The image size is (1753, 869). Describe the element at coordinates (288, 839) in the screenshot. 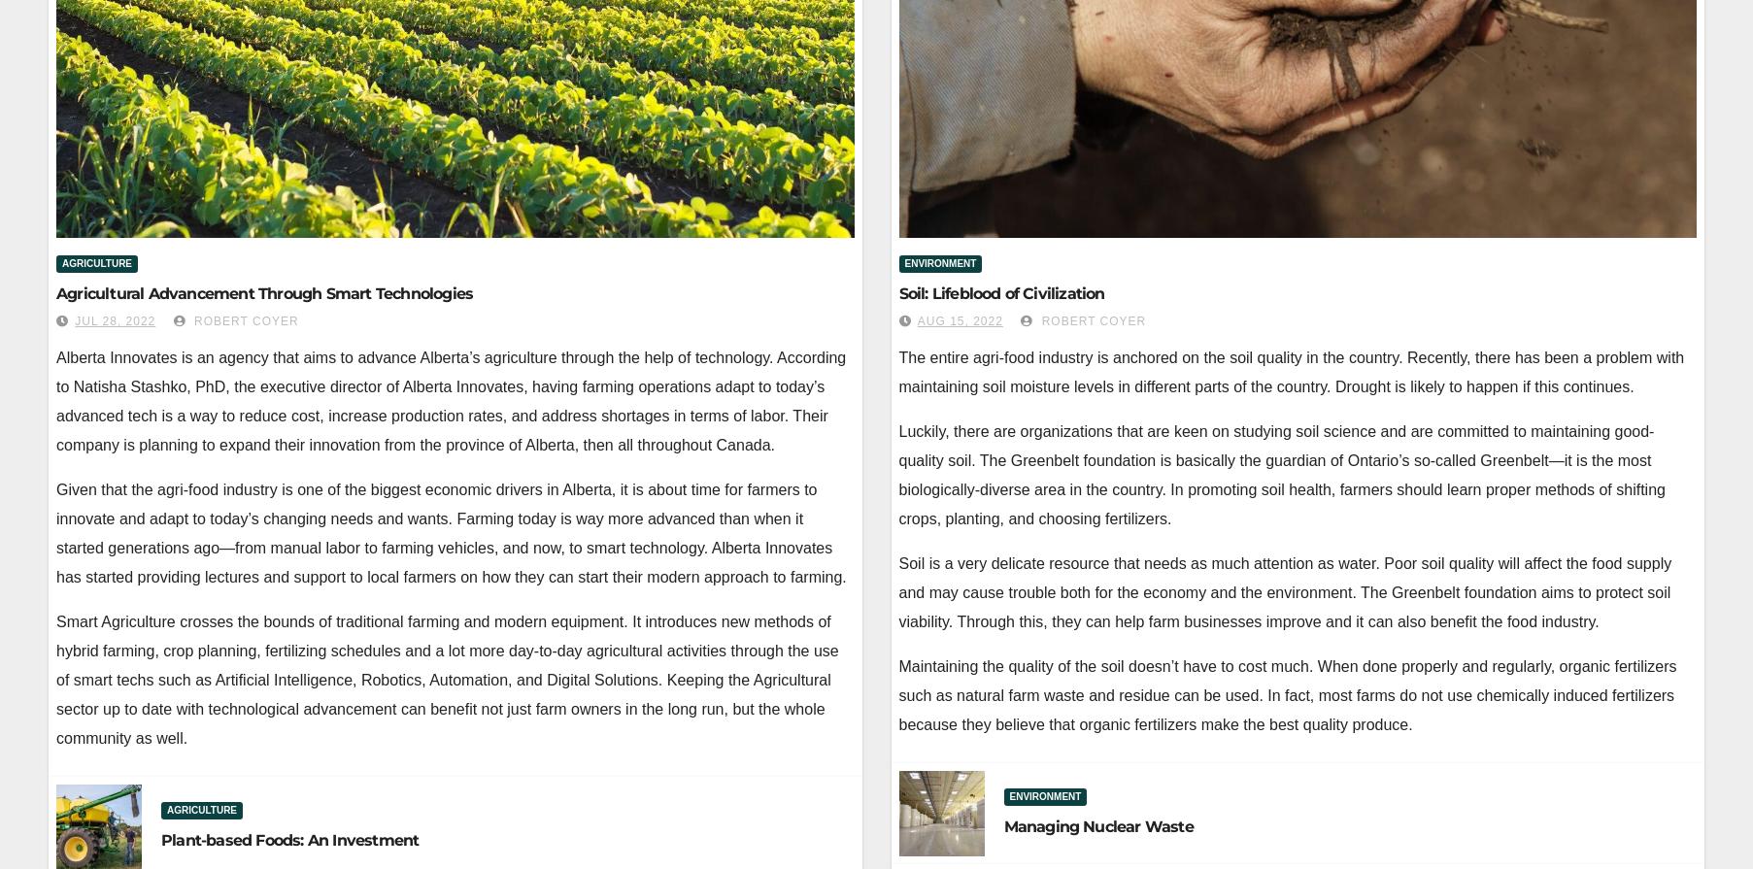

I see `'Plant-based Foods: An Investment'` at that location.